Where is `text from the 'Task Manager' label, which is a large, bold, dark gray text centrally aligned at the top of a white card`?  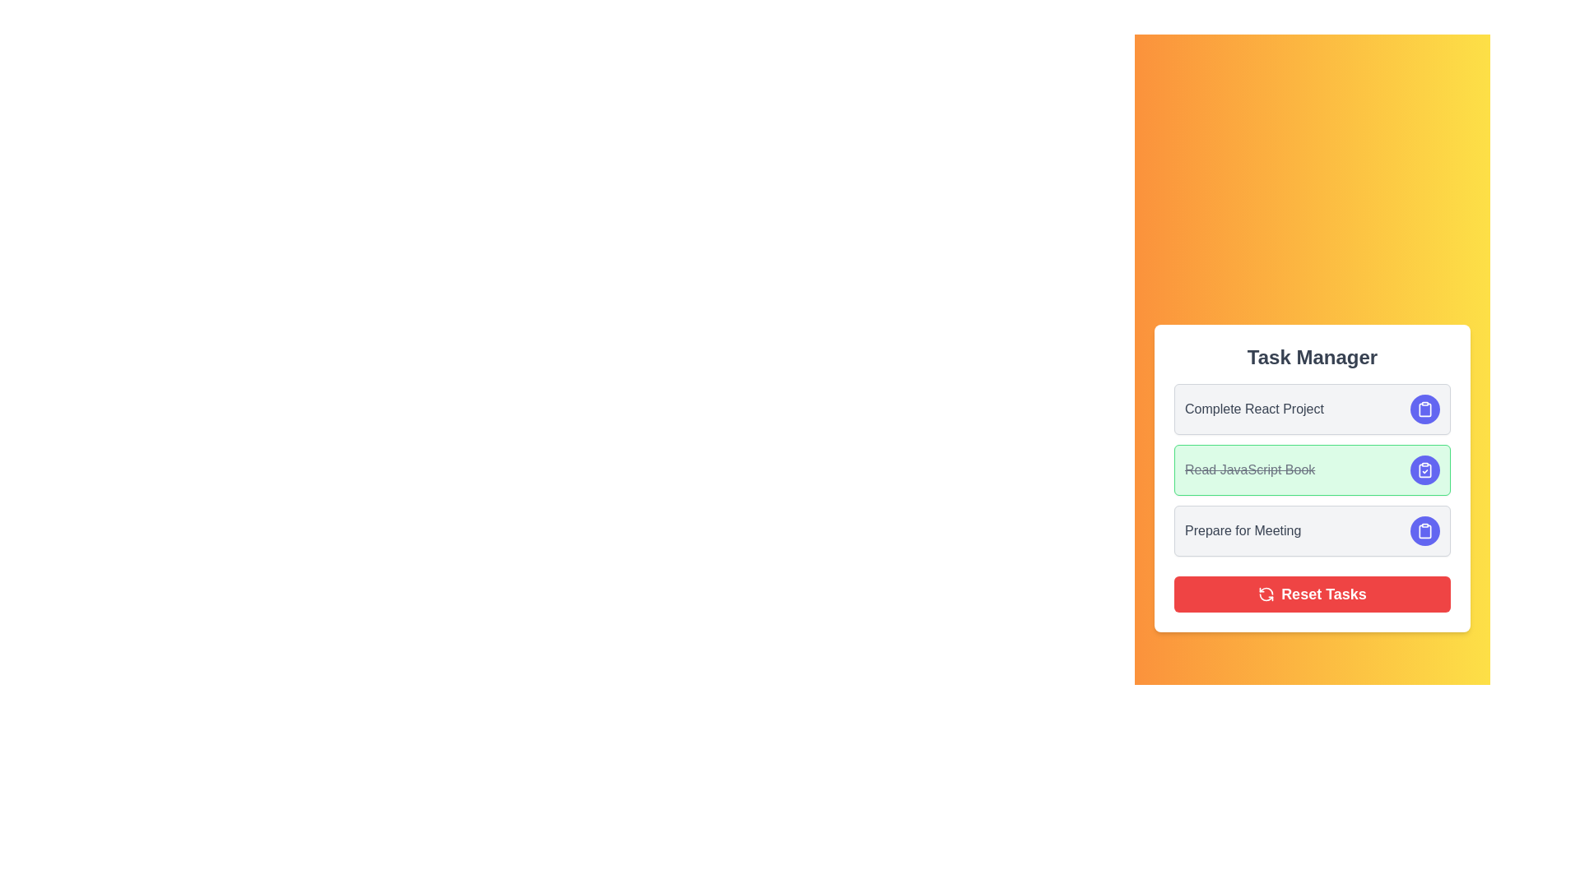 text from the 'Task Manager' label, which is a large, bold, dark gray text centrally aligned at the top of a white card is located at coordinates (1311, 357).